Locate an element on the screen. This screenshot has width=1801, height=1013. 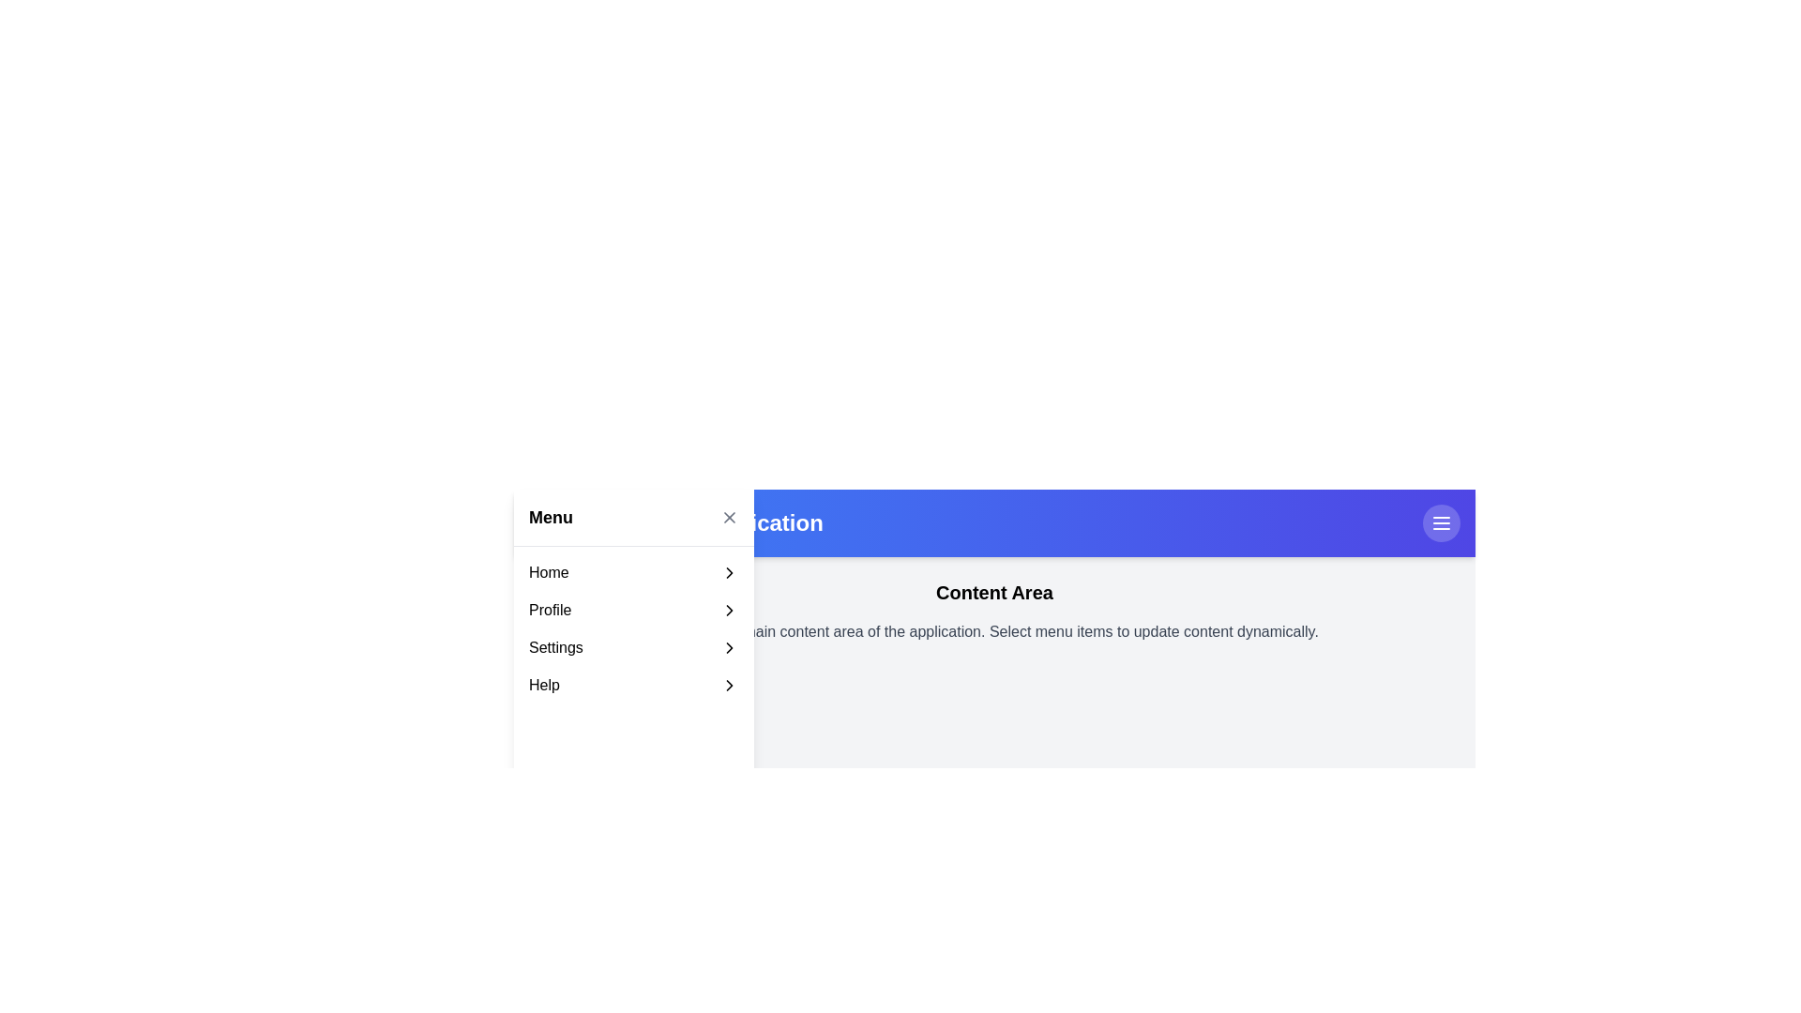
the circular menu button located is located at coordinates (1440, 523).